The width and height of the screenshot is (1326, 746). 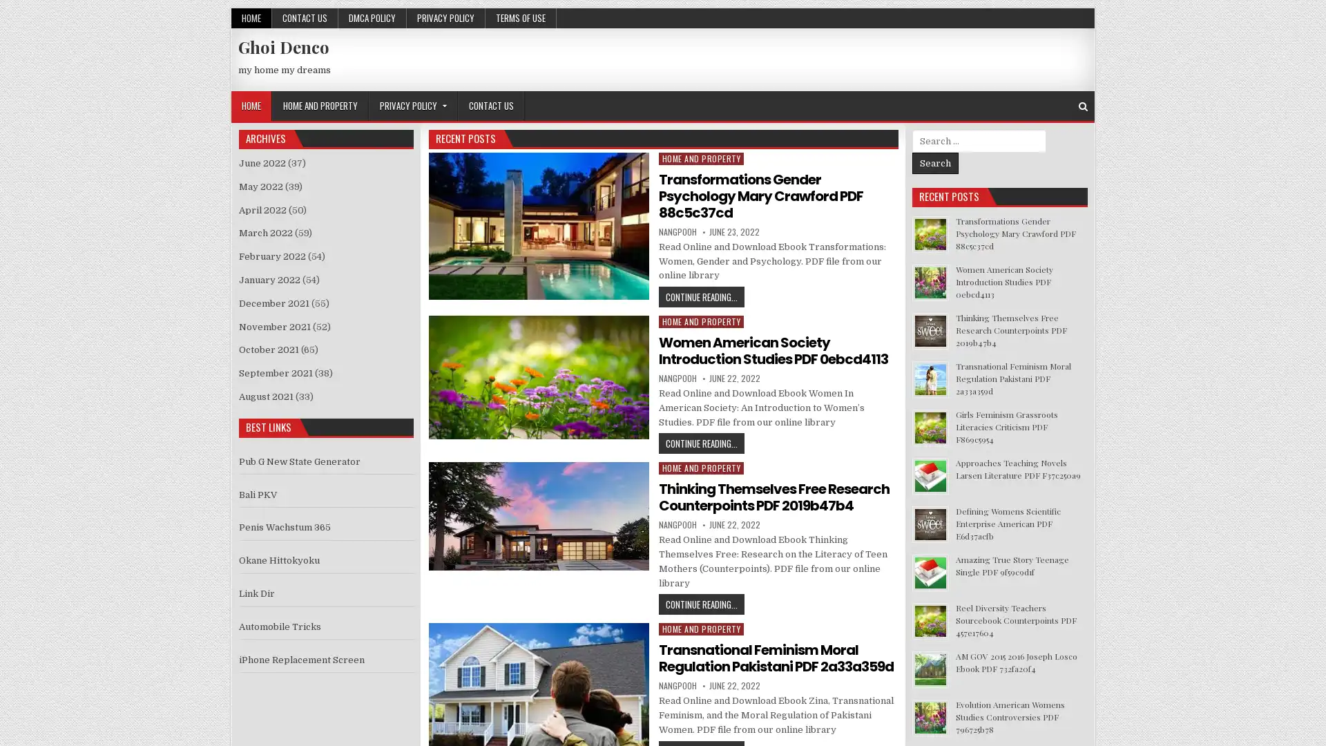 What do you see at coordinates (935, 162) in the screenshot?
I see `Search` at bounding box center [935, 162].